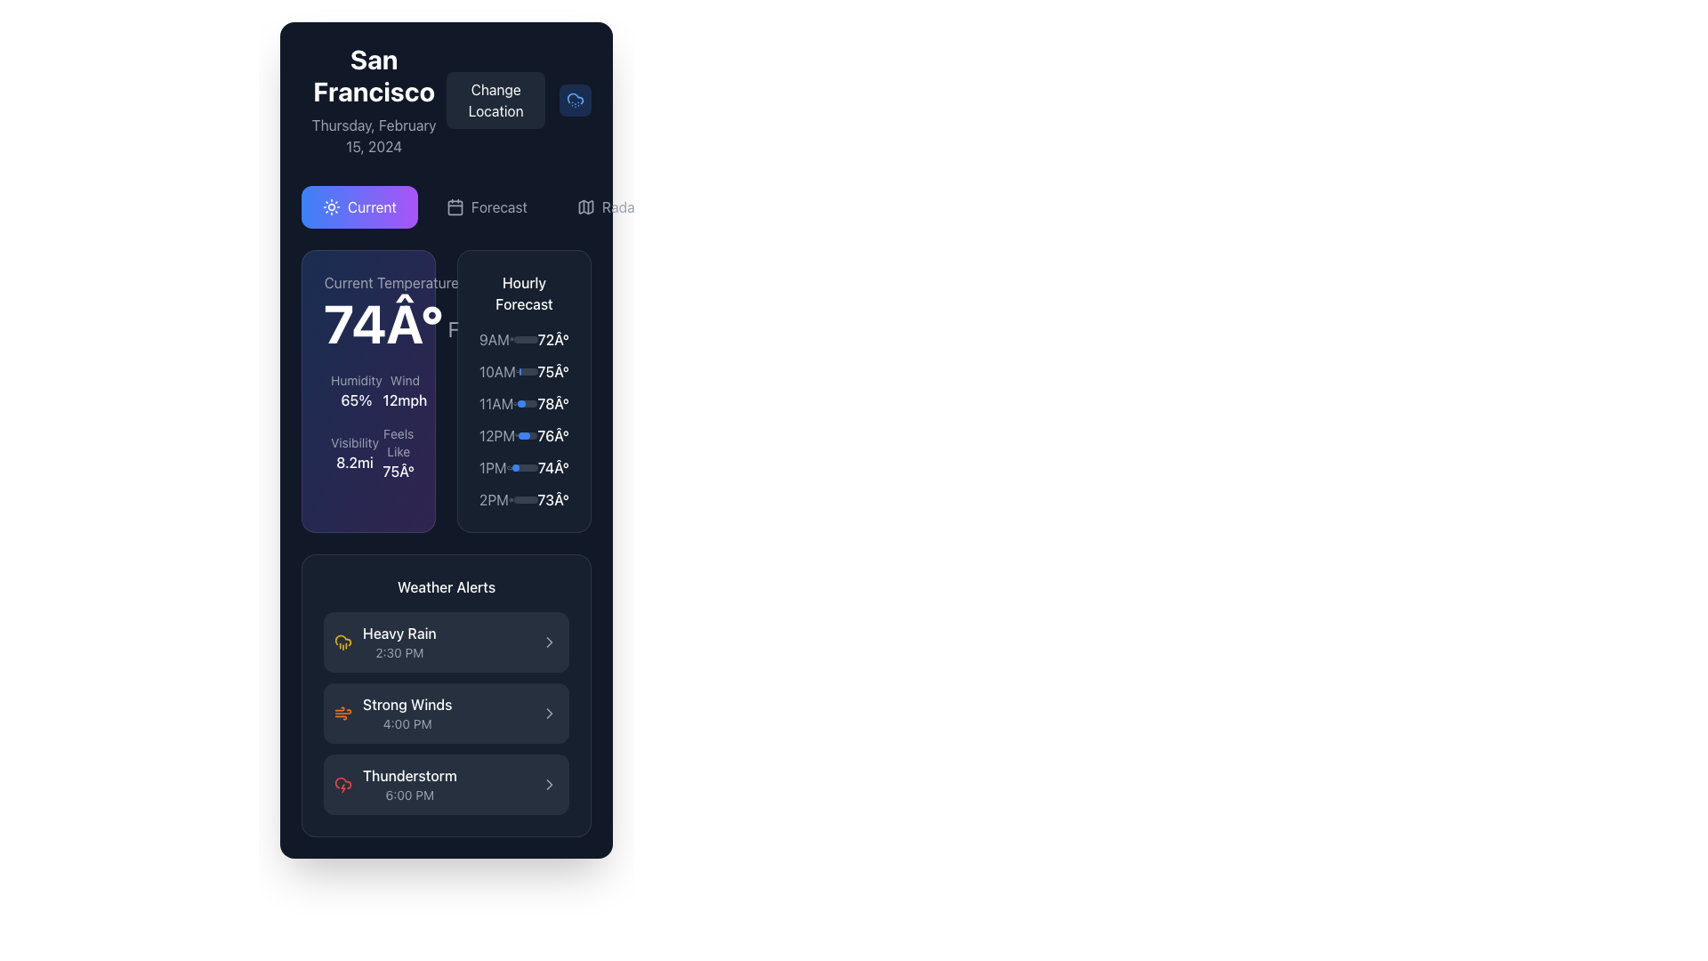 This screenshot has width=1708, height=961. Describe the element at coordinates (493, 466) in the screenshot. I see `the '1PM' label displayed in light gray font within the 'Hourly Forecast' section, positioned between '12PM' and '2PM'` at that location.